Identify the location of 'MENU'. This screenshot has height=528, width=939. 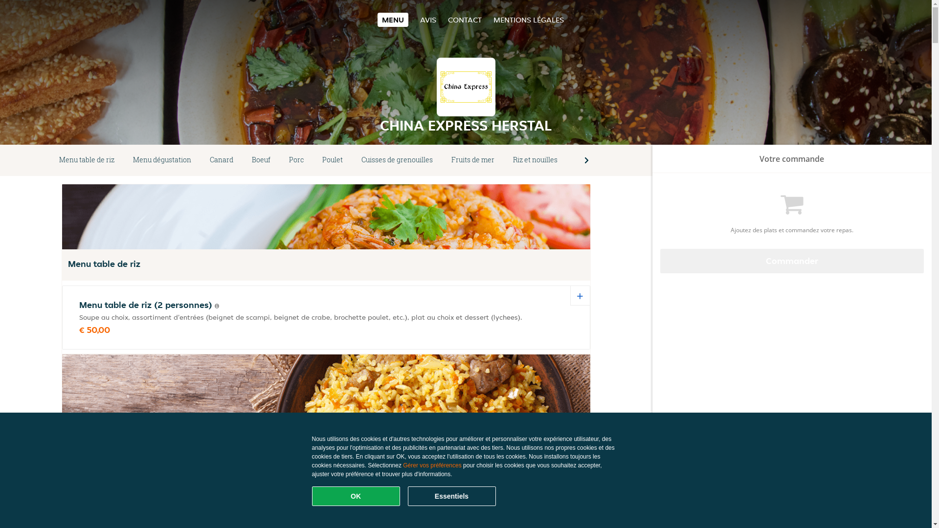
(377, 20).